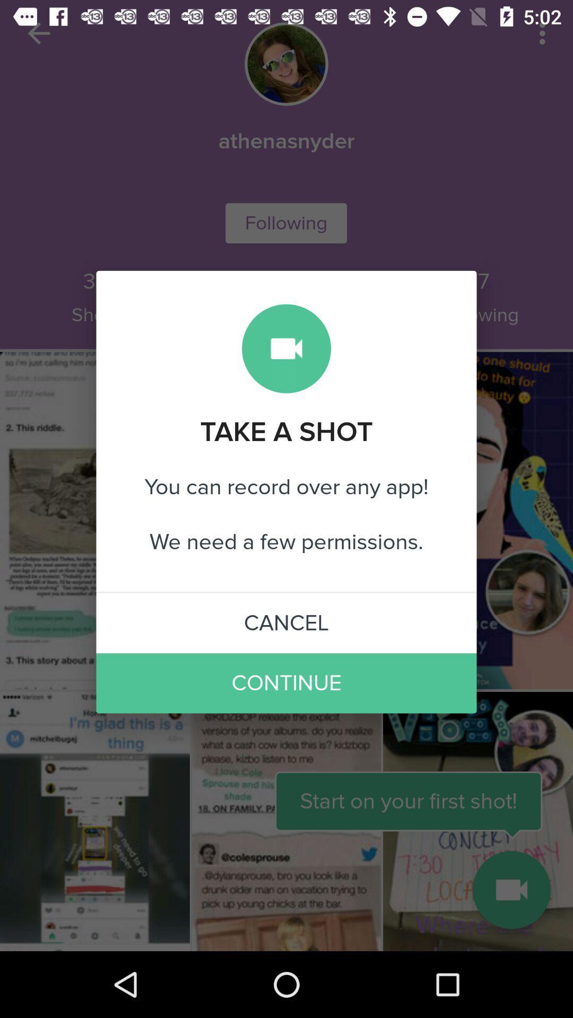 This screenshot has width=573, height=1018. Describe the element at coordinates (286, 683) in the screenshot. I see `the item below cancel` at that location.